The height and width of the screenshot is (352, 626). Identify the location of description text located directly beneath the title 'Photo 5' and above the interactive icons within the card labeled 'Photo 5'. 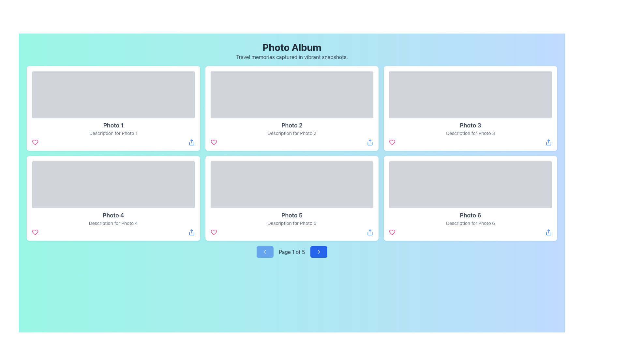
(291, 223).